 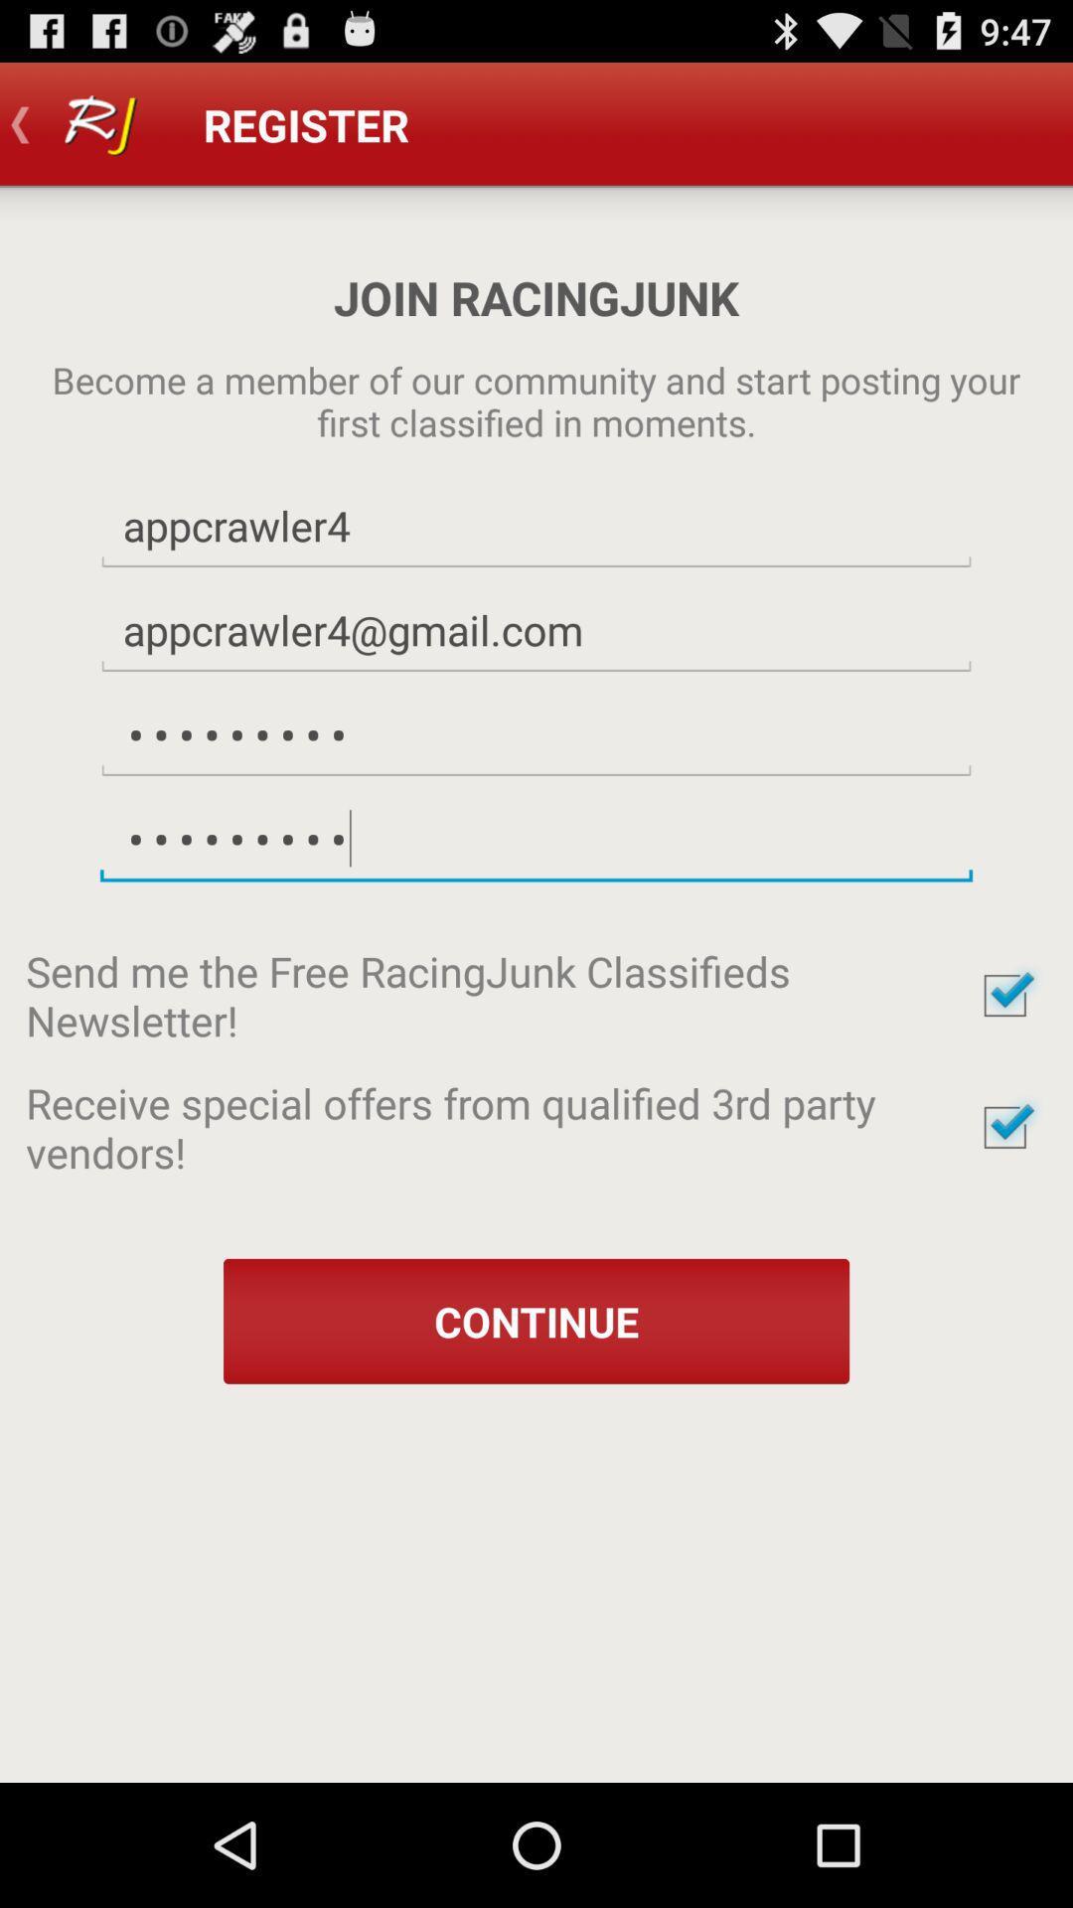 What do you see at coordinates (1004, 996) in the screenshot?
I see `receive newsletter` at bounding box center [1004, 996].